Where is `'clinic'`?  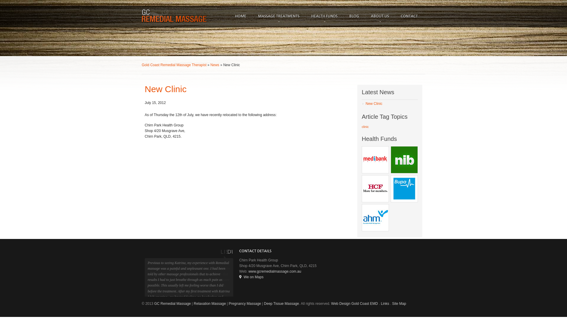
'clinic' is located at coordinates (365, 126).